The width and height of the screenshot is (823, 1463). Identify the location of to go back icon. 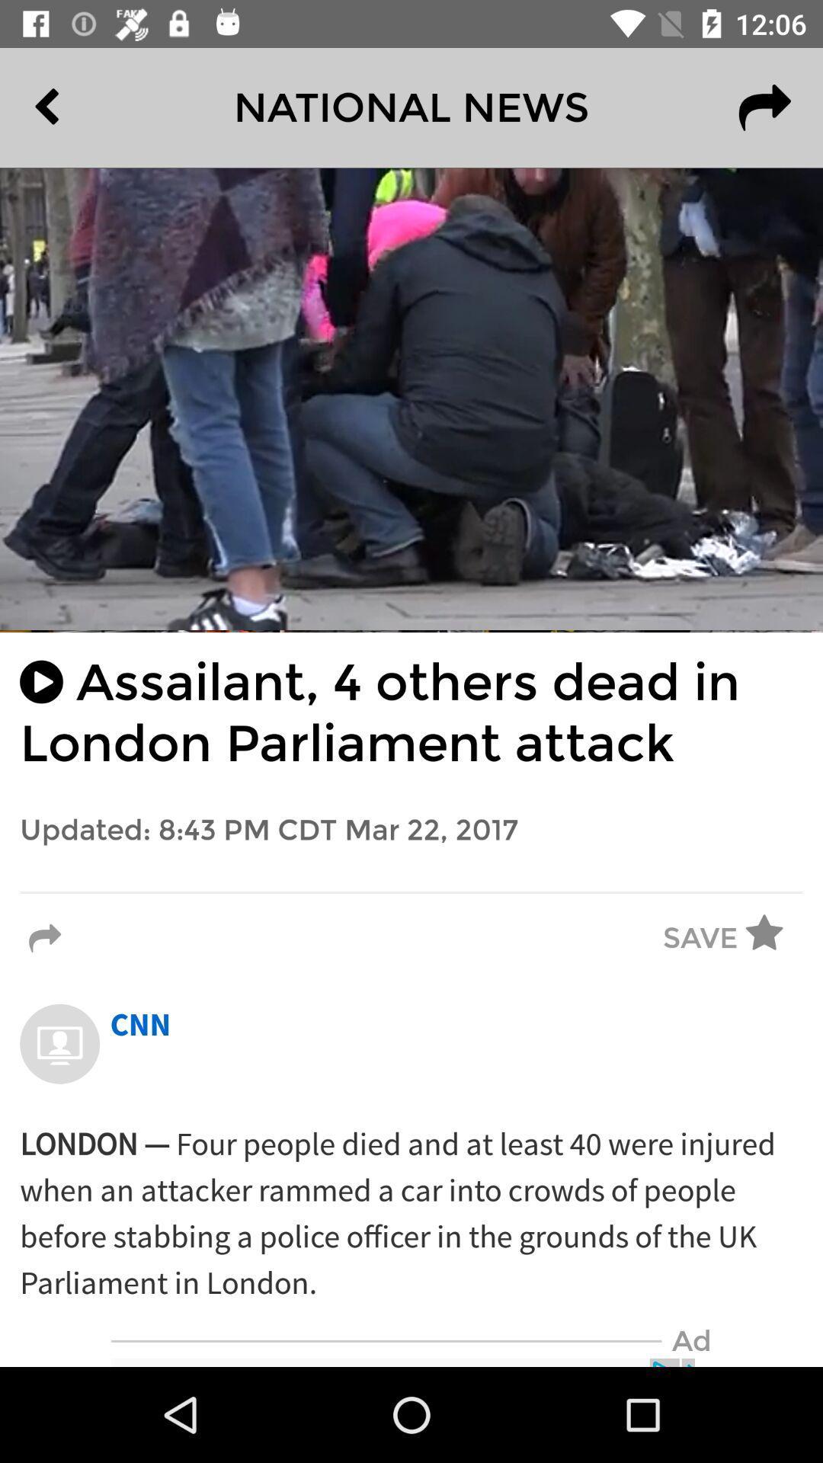
(82, 107).